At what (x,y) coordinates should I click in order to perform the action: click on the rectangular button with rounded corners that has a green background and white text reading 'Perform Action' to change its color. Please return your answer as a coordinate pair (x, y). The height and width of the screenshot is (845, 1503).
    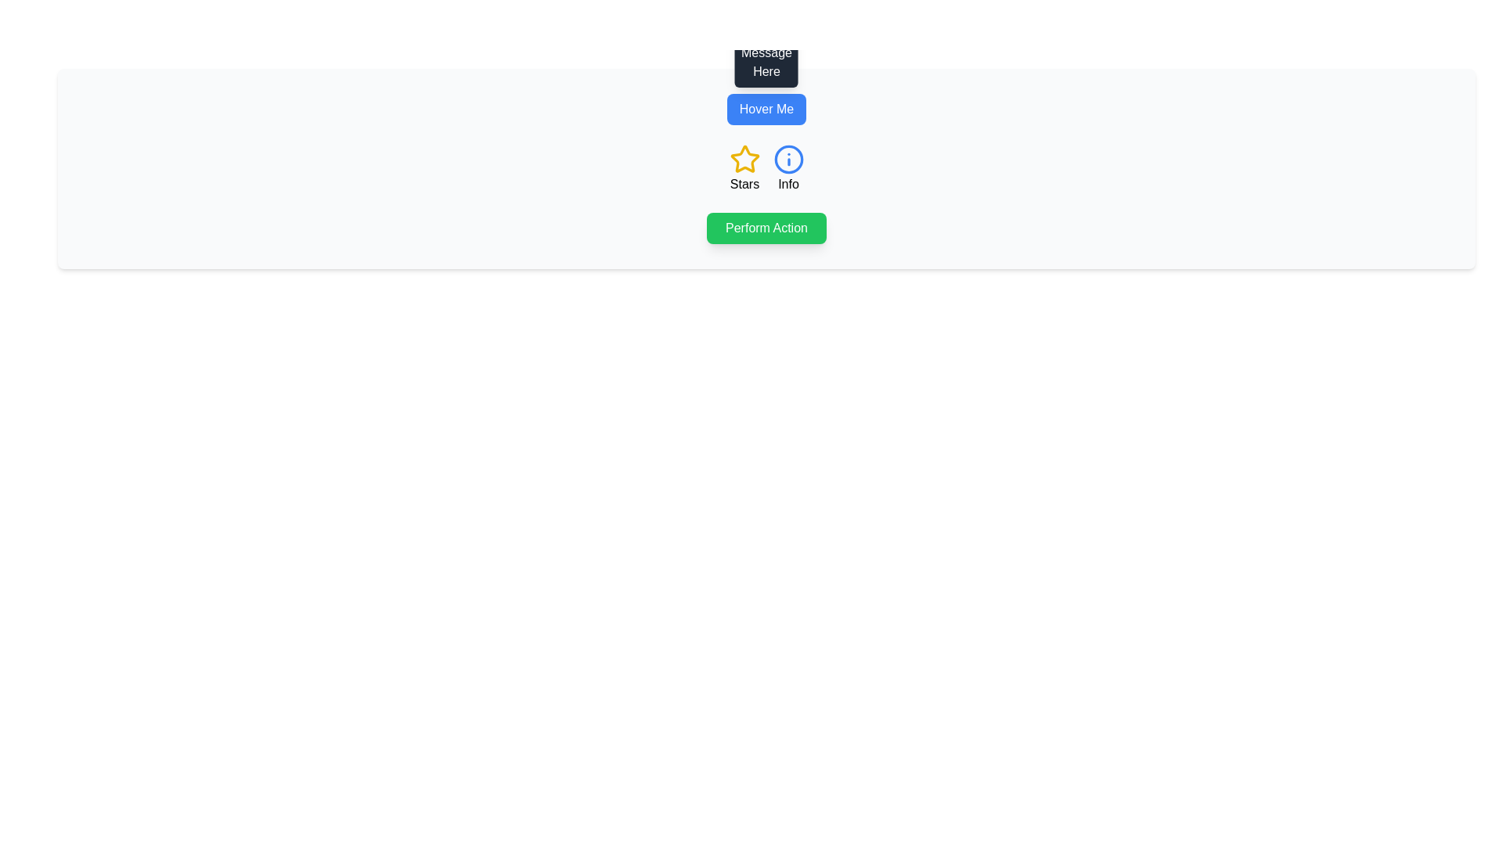
    Looking at the image, I should click on (766, 228).